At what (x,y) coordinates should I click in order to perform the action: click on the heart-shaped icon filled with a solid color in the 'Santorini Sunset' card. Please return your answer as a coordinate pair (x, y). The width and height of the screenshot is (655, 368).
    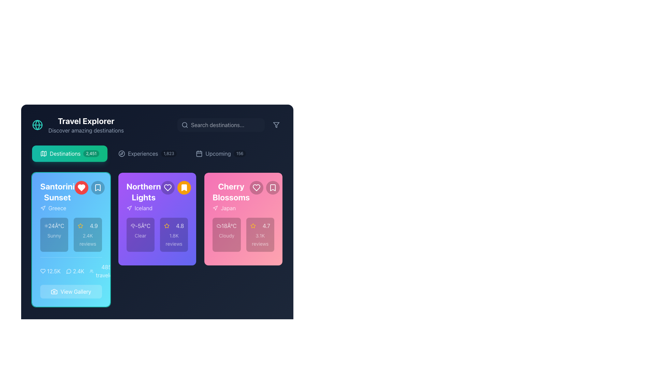
    Looking at the image, I should click on (42, 271).